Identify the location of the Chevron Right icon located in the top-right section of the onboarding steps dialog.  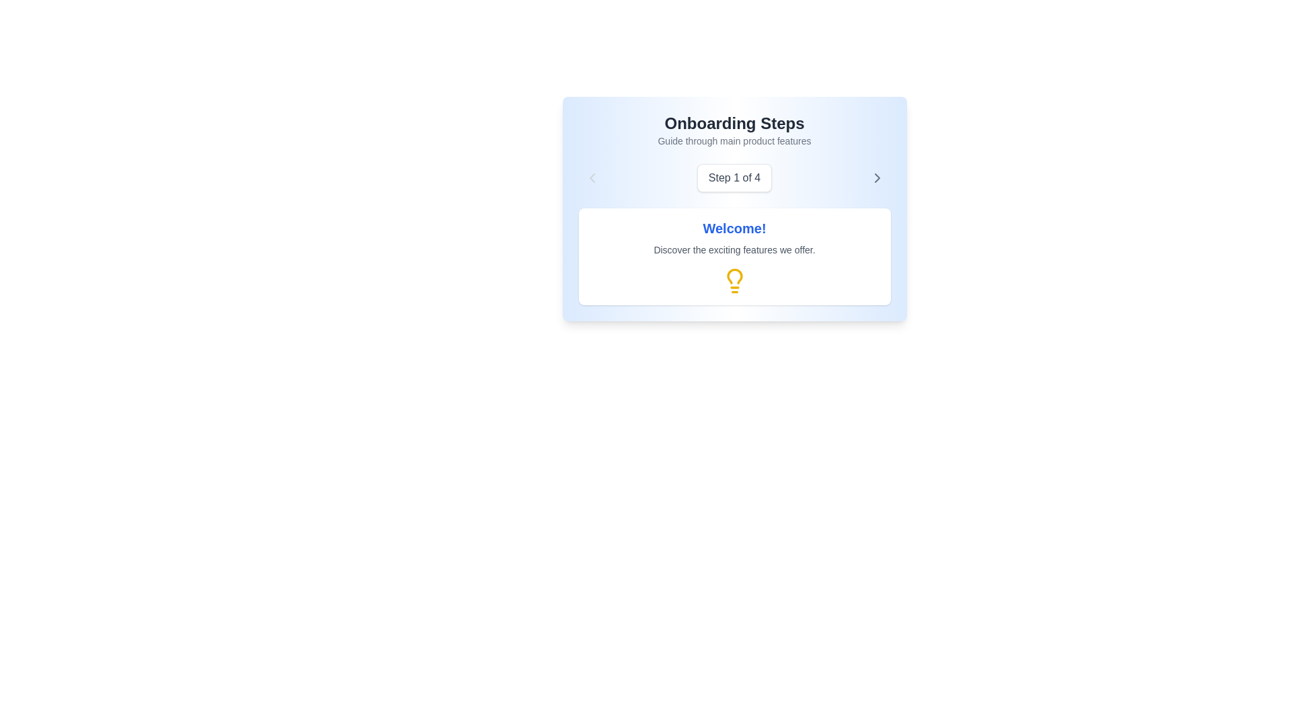
(877, 177).